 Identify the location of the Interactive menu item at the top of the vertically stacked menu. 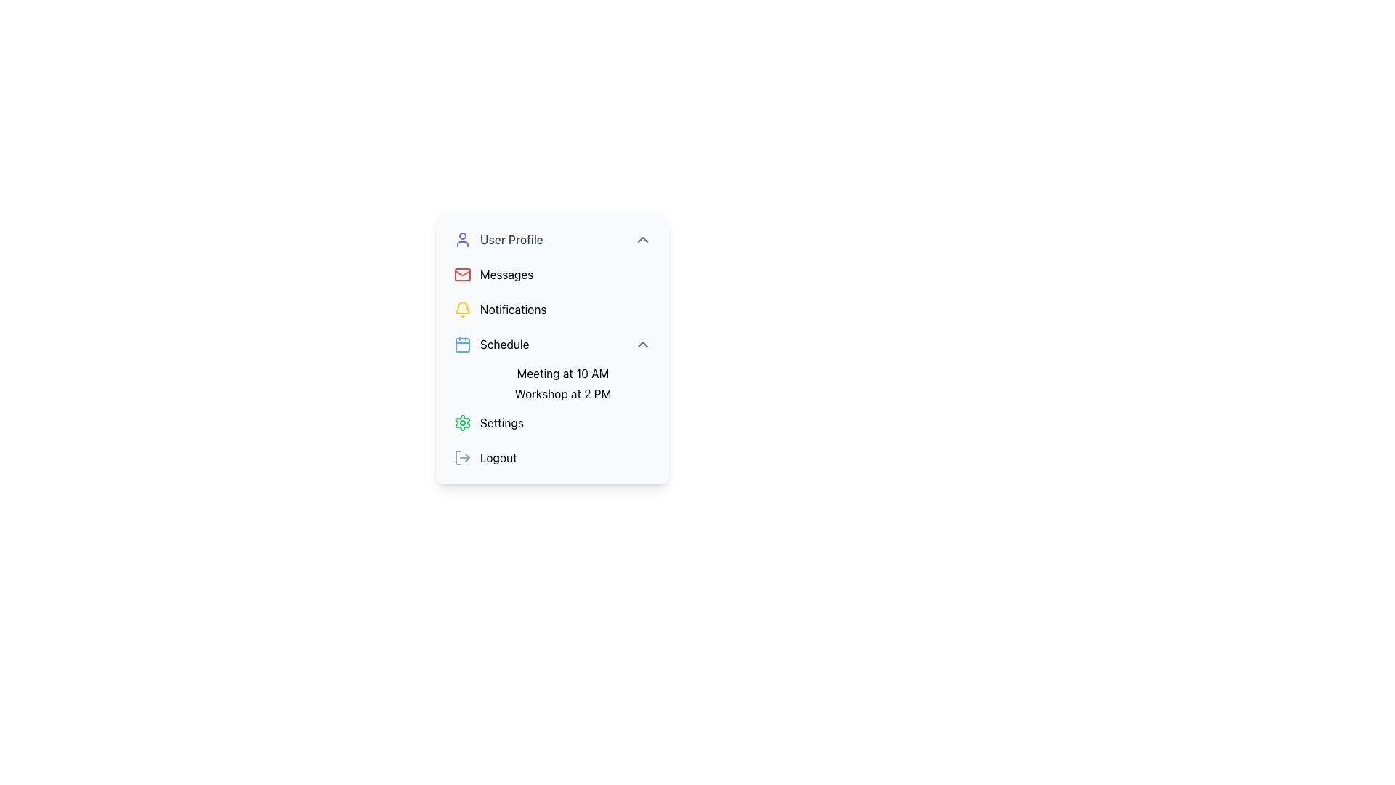
(552, 239).